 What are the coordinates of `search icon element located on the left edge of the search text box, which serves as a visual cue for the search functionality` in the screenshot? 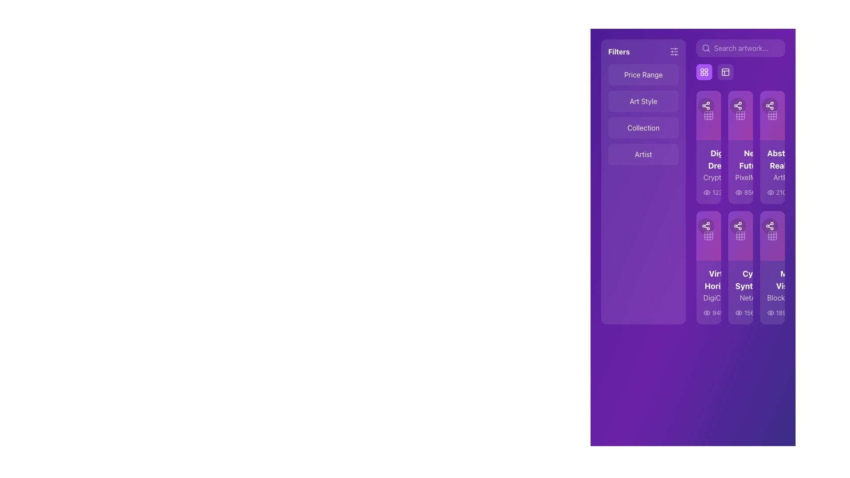 It's located at (705, 48).